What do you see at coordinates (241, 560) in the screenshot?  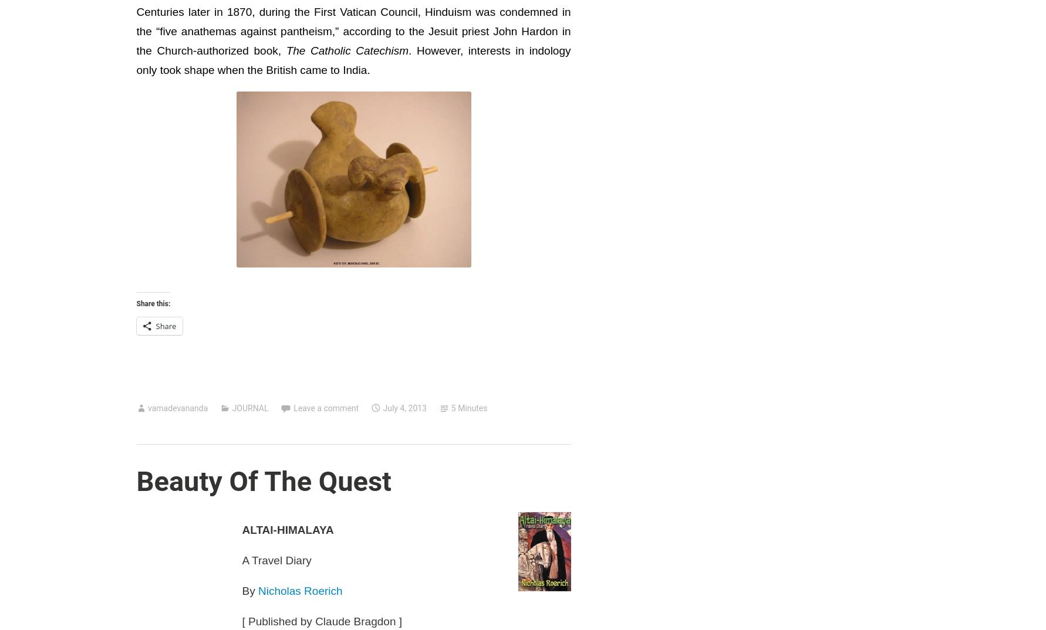 I see `'A Travel Diary'` at bounding box center [241, 560].